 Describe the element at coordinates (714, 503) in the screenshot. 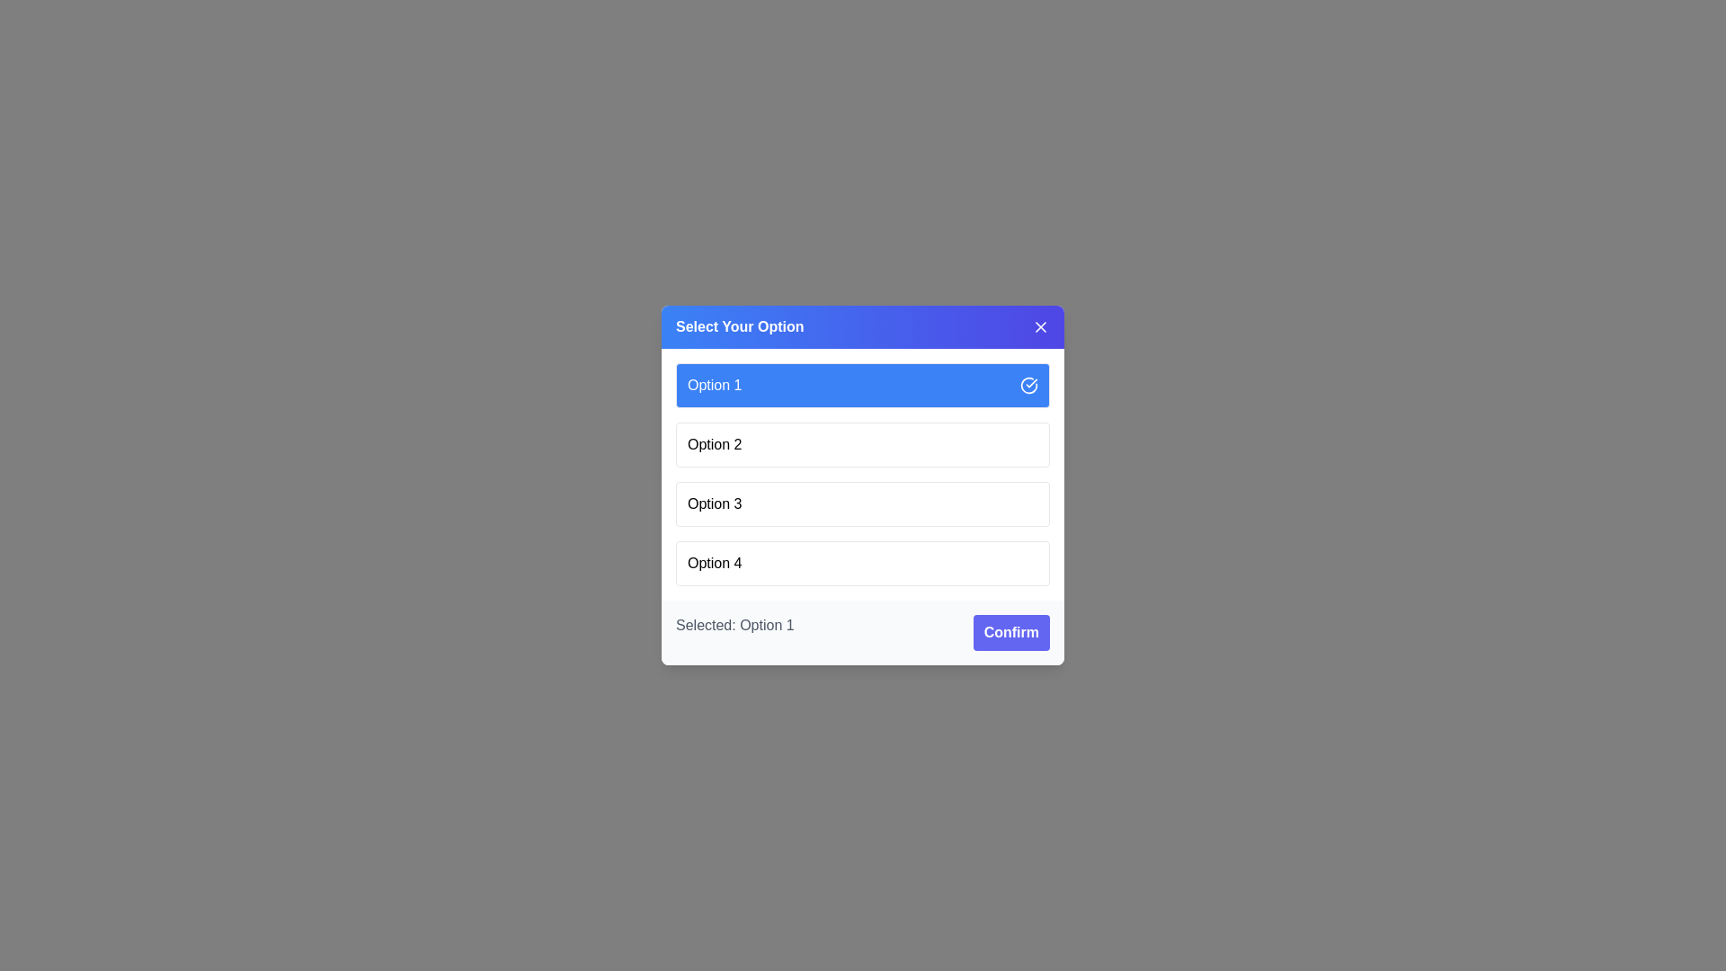

I see `the selectable item 'Option 3' in the list` at that location.